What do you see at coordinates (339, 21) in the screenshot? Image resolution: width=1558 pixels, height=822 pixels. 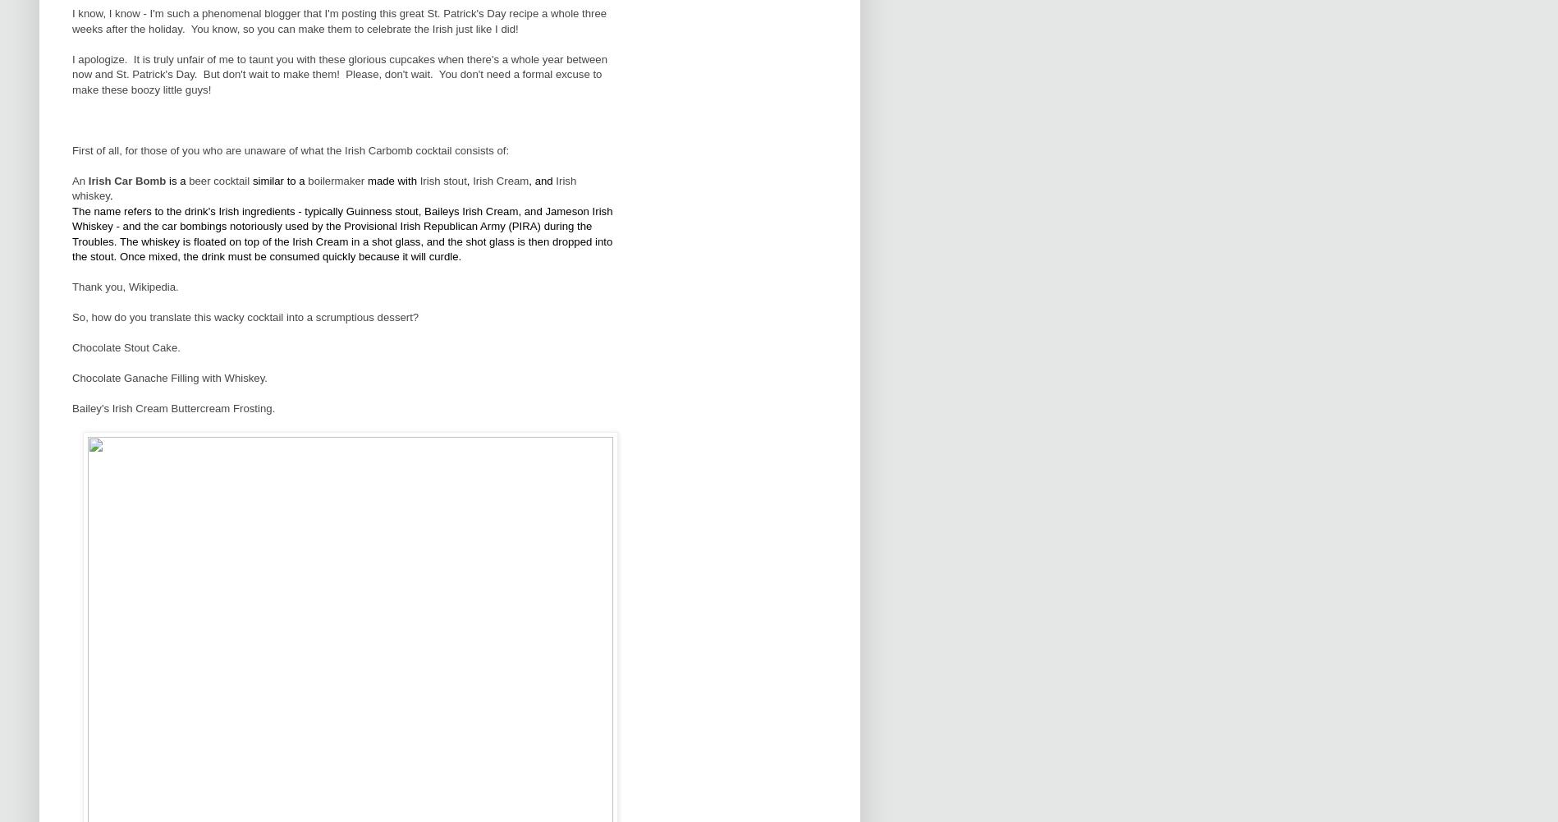 I see `'I know, I know - I'm such a phenomenal blogger that I'm posting this great St. Patrick's Day recipe a whole three weeks after the holiday.  You know, so you can make them to celebrate the Irish just like I did!'` at bounding box center [339, 21].